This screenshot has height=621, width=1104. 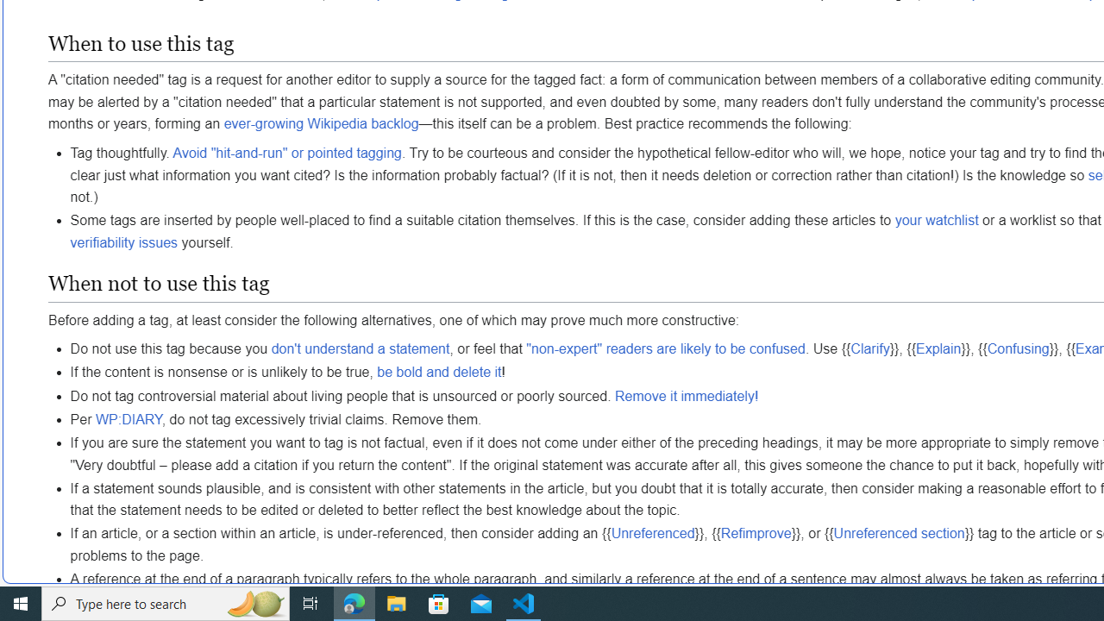 What do you see at coordinates (938, 349) in the screenshot?
I see `'Explain'` at bounding box center [938, 349].